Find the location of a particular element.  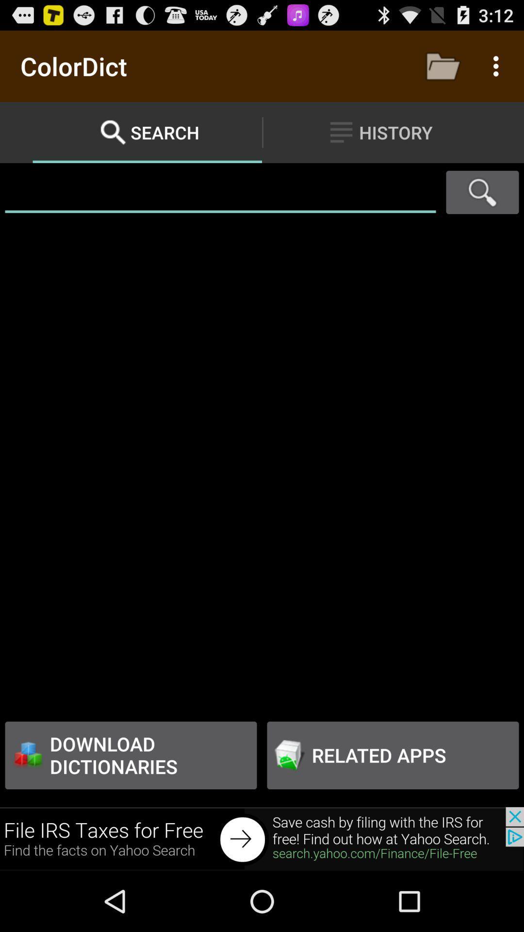

learn about this product is located at coordinates (262, 838).